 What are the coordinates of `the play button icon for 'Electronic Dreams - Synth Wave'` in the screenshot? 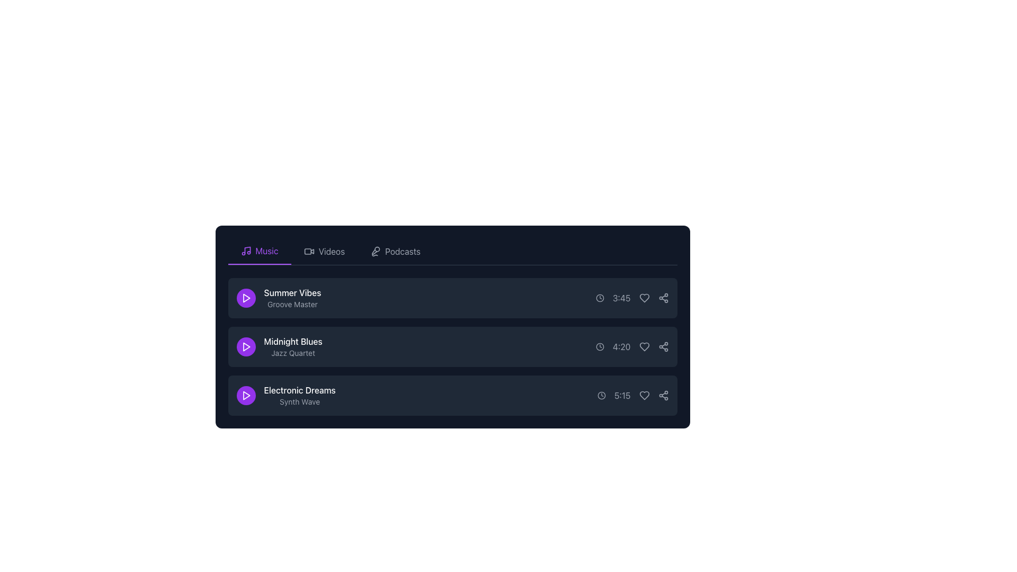 It's located at (245, 396).